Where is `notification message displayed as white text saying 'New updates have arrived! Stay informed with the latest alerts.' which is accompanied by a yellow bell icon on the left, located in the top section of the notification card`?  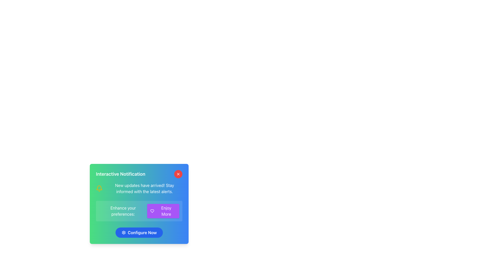
notification message displayed as white text saying 'New updates have arrived! Stay informed with the latest alerts.' which is accompanied by a yellow bell icon on the left, located in the top section of the notification card is located at coordinates (139, 189).